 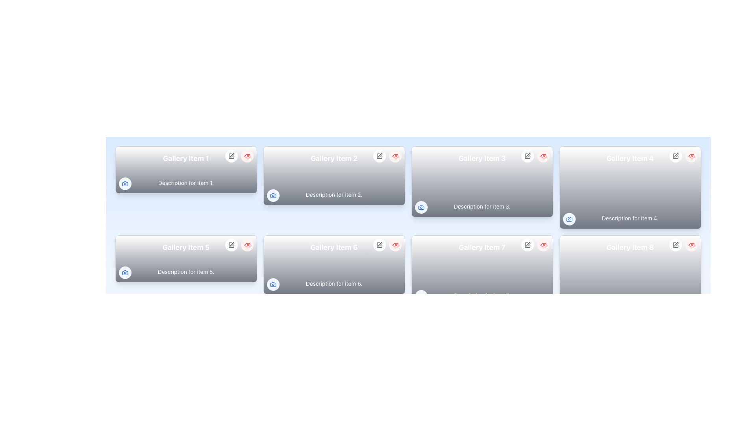 I want to click on the red delete icon located in the top-right corner of the card labeled 'Gallery Item 4', so click(x=691, y=156).